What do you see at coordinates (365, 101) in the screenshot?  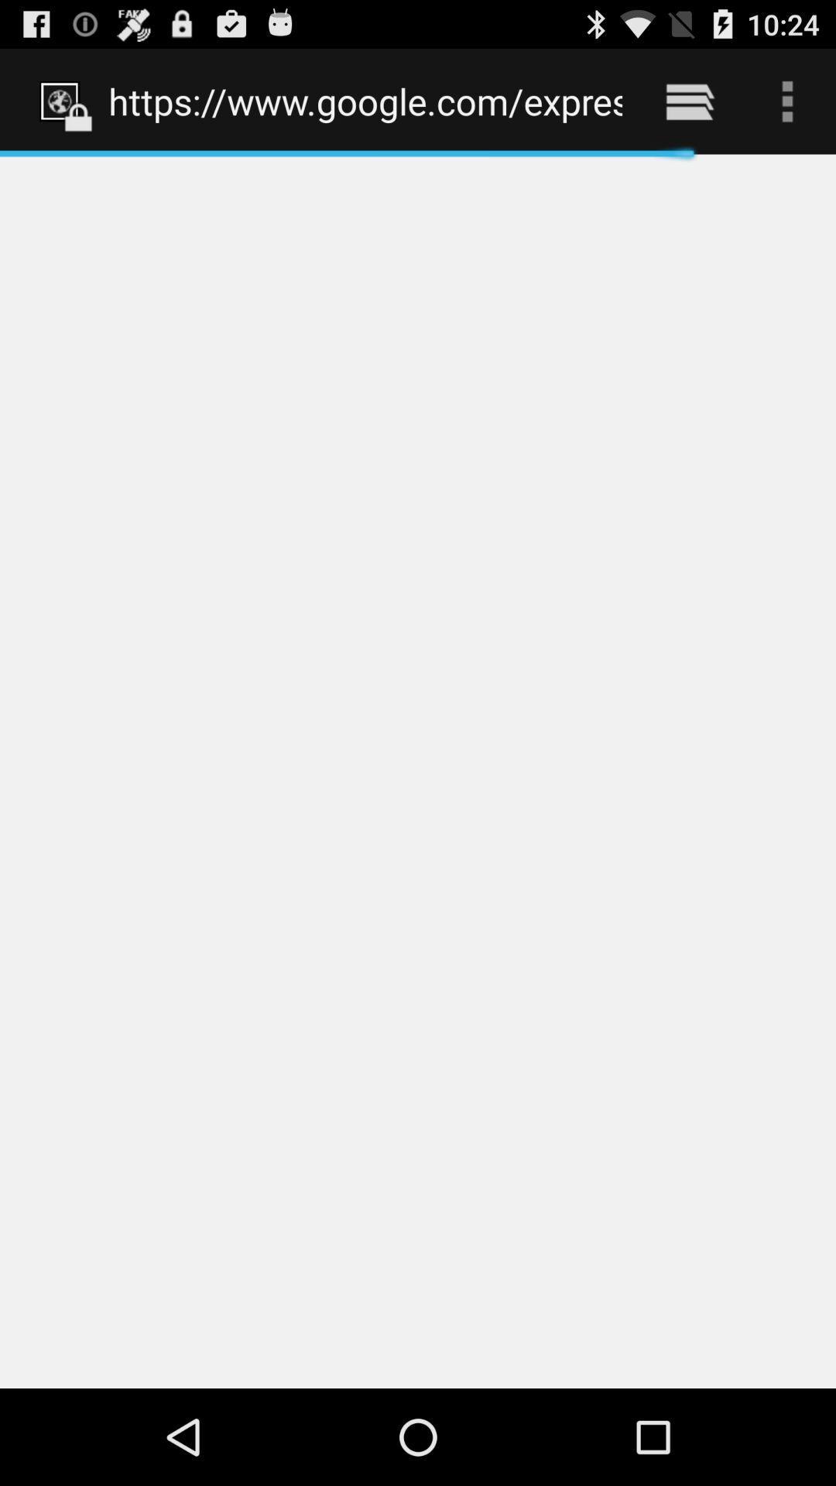 I see `the https www google` at bounding box center [365, 101].